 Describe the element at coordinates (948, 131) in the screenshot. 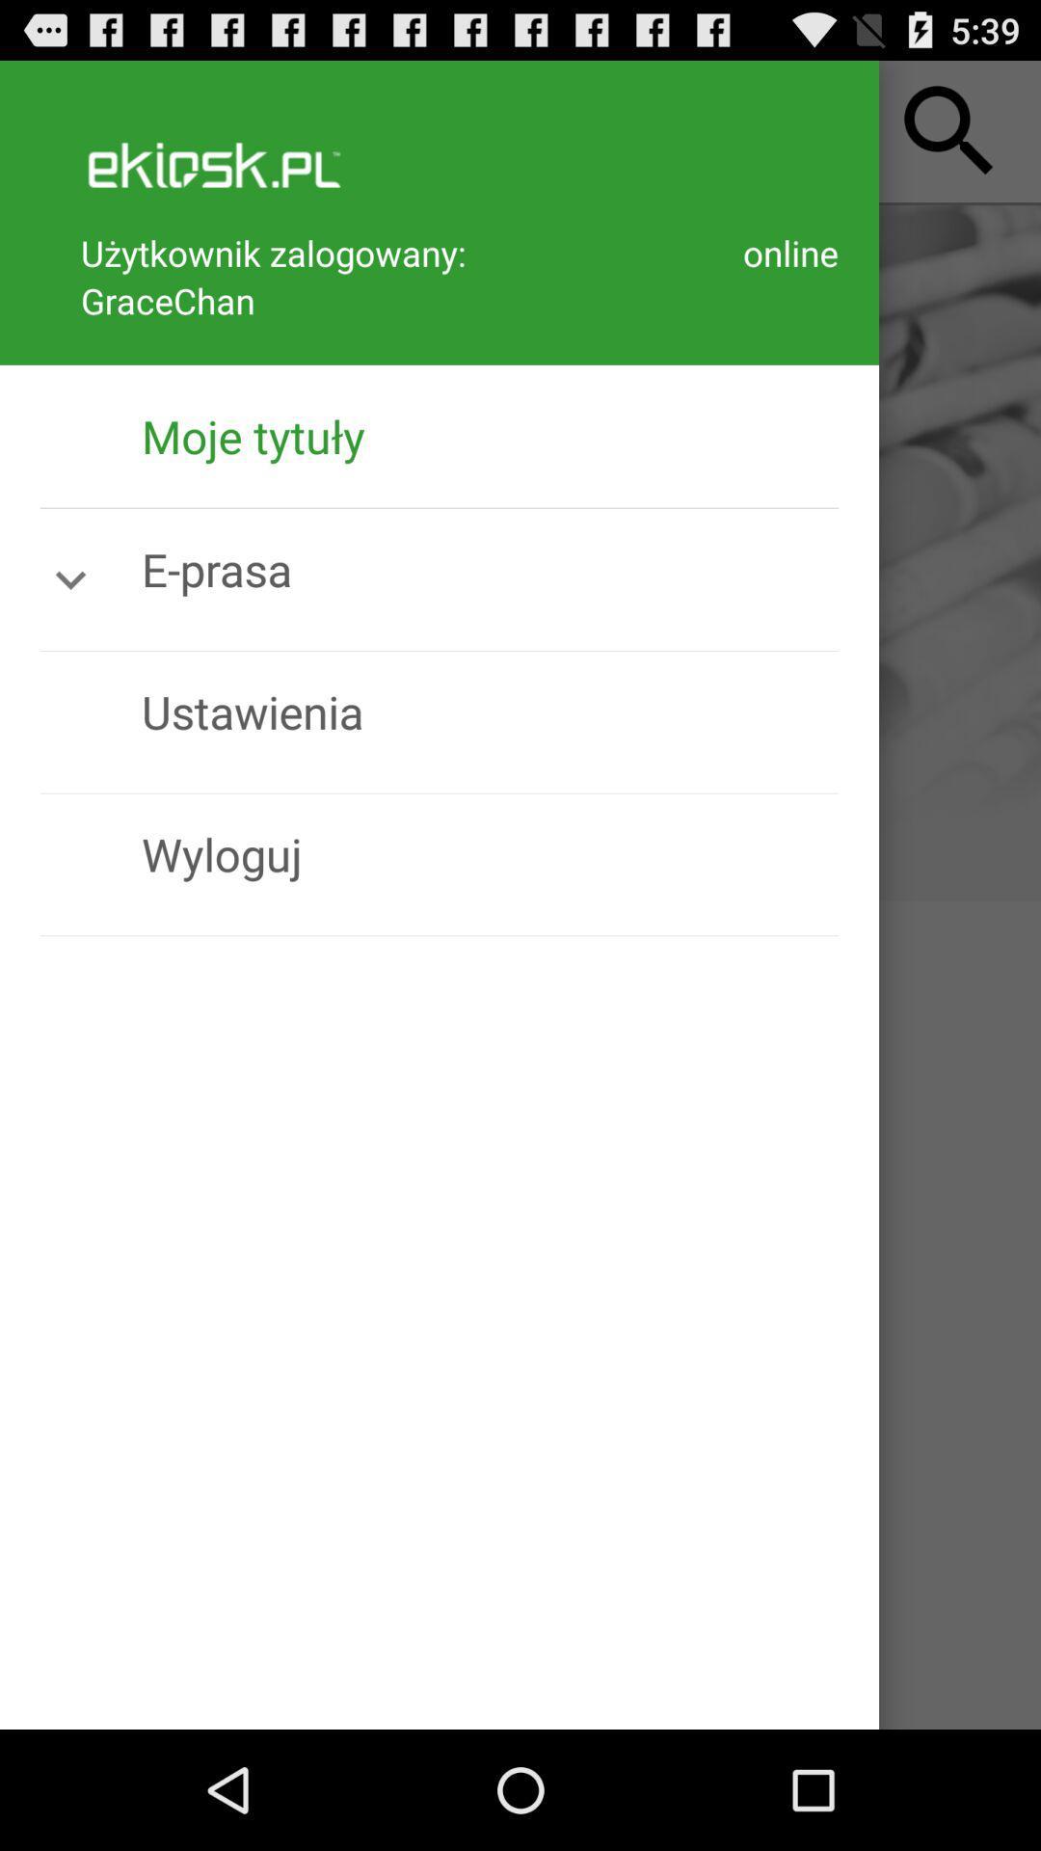

I see `the button on the top right corner of the web page` at that location.